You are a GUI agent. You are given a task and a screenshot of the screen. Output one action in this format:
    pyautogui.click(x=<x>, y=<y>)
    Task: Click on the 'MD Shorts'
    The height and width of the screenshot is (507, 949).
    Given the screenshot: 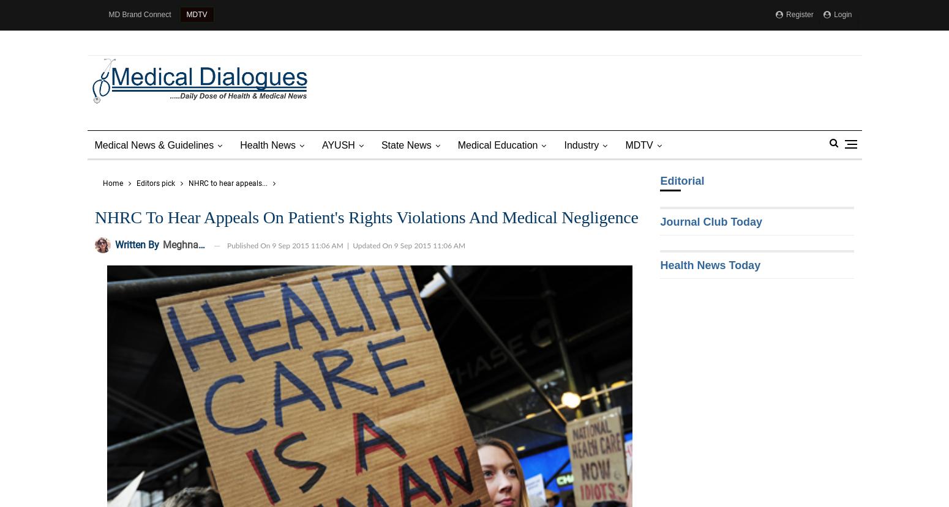 What is the action you would take?
    pyautogui.click(x=197, y=253)
    